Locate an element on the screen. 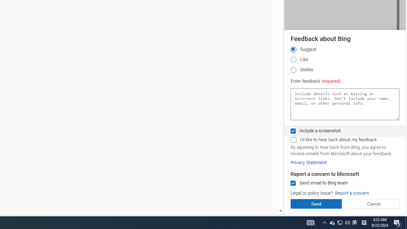  'Privacy Statement' is located at coordinates (308, 162).